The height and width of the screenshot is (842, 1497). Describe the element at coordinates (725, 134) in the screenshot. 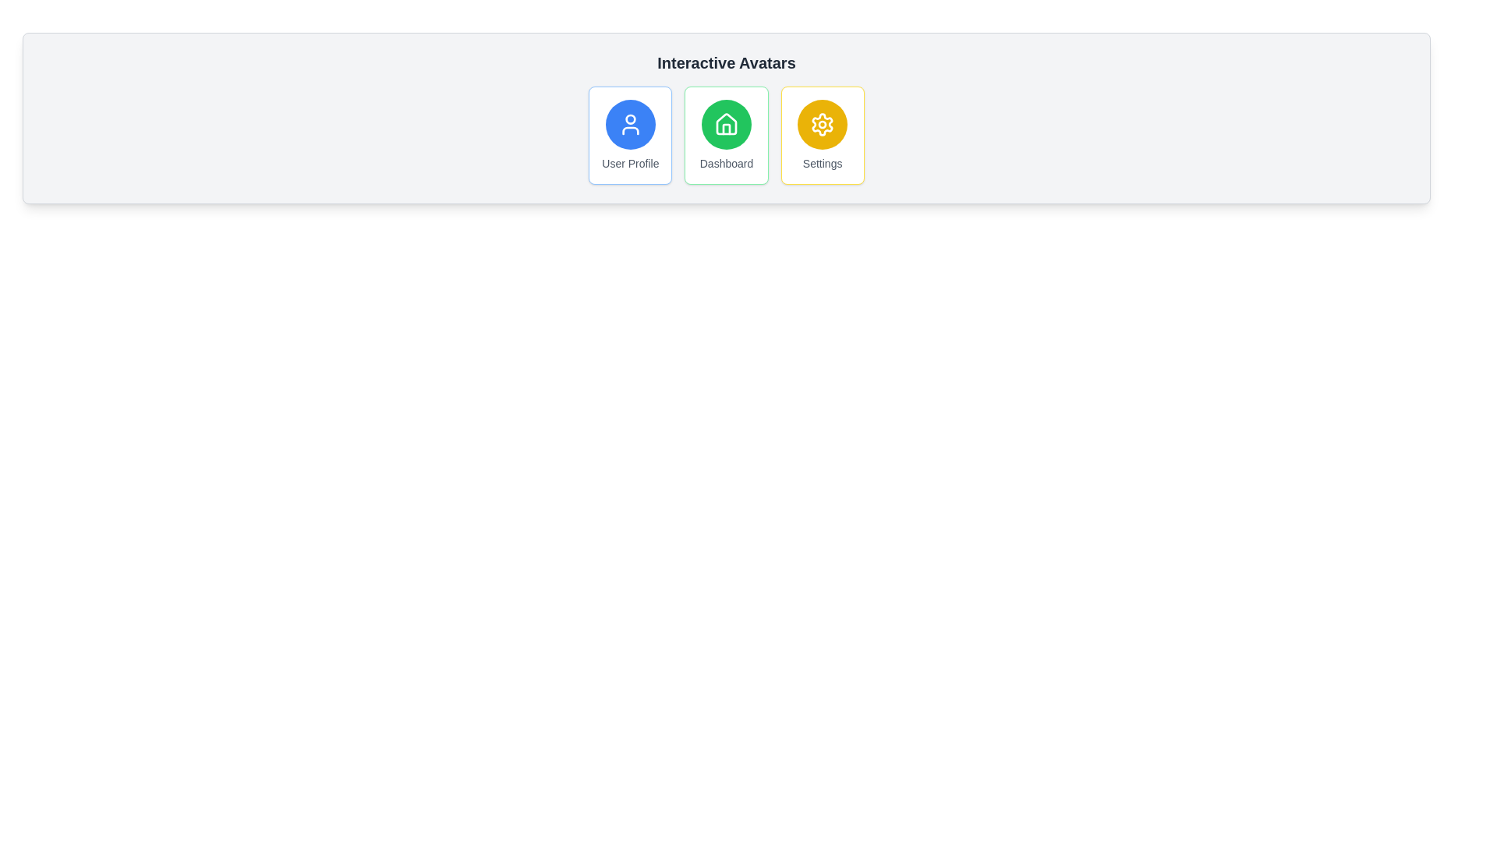

I see `the Interactive Button labeled 'Dashboard'` at that location.